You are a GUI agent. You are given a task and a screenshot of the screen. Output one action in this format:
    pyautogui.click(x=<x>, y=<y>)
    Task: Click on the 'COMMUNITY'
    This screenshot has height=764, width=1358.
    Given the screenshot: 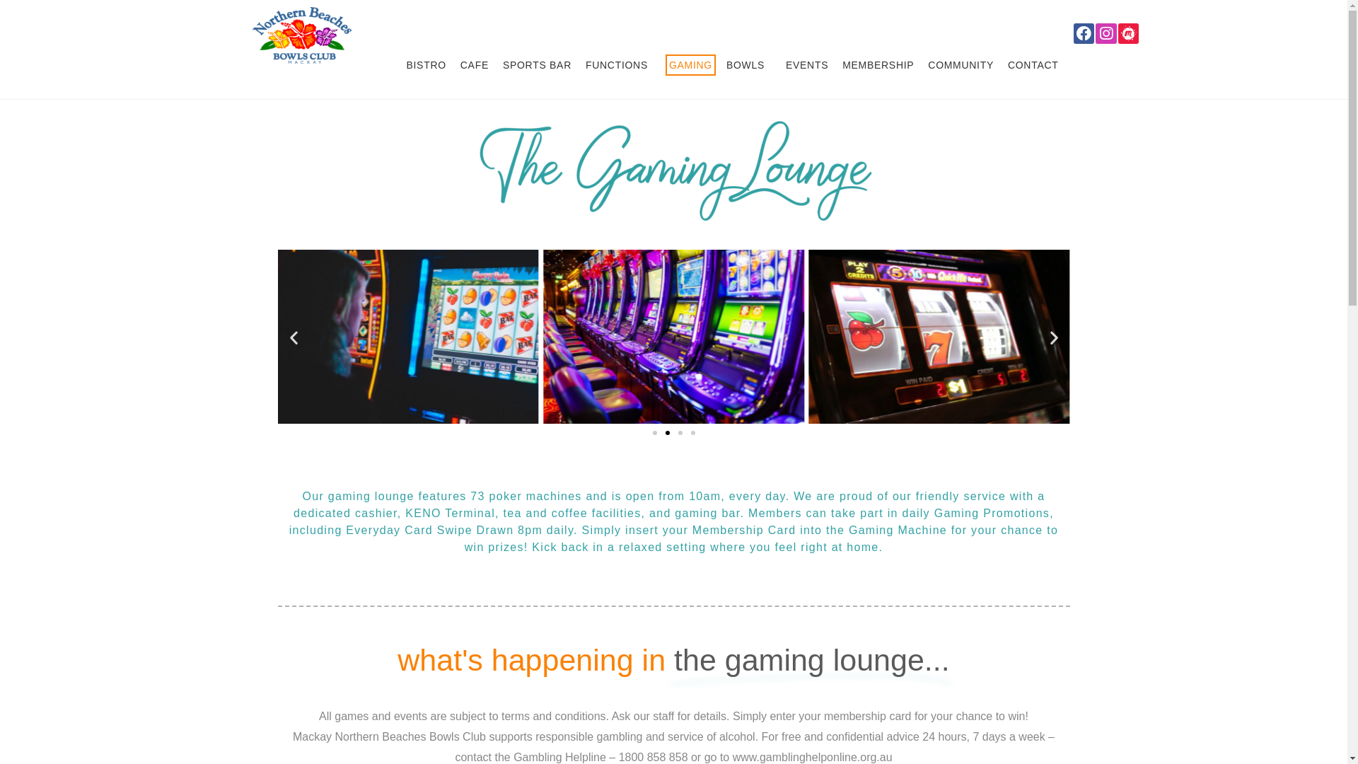 What is the action you would take?
    pyautogui.click(x=961, y=65)
    